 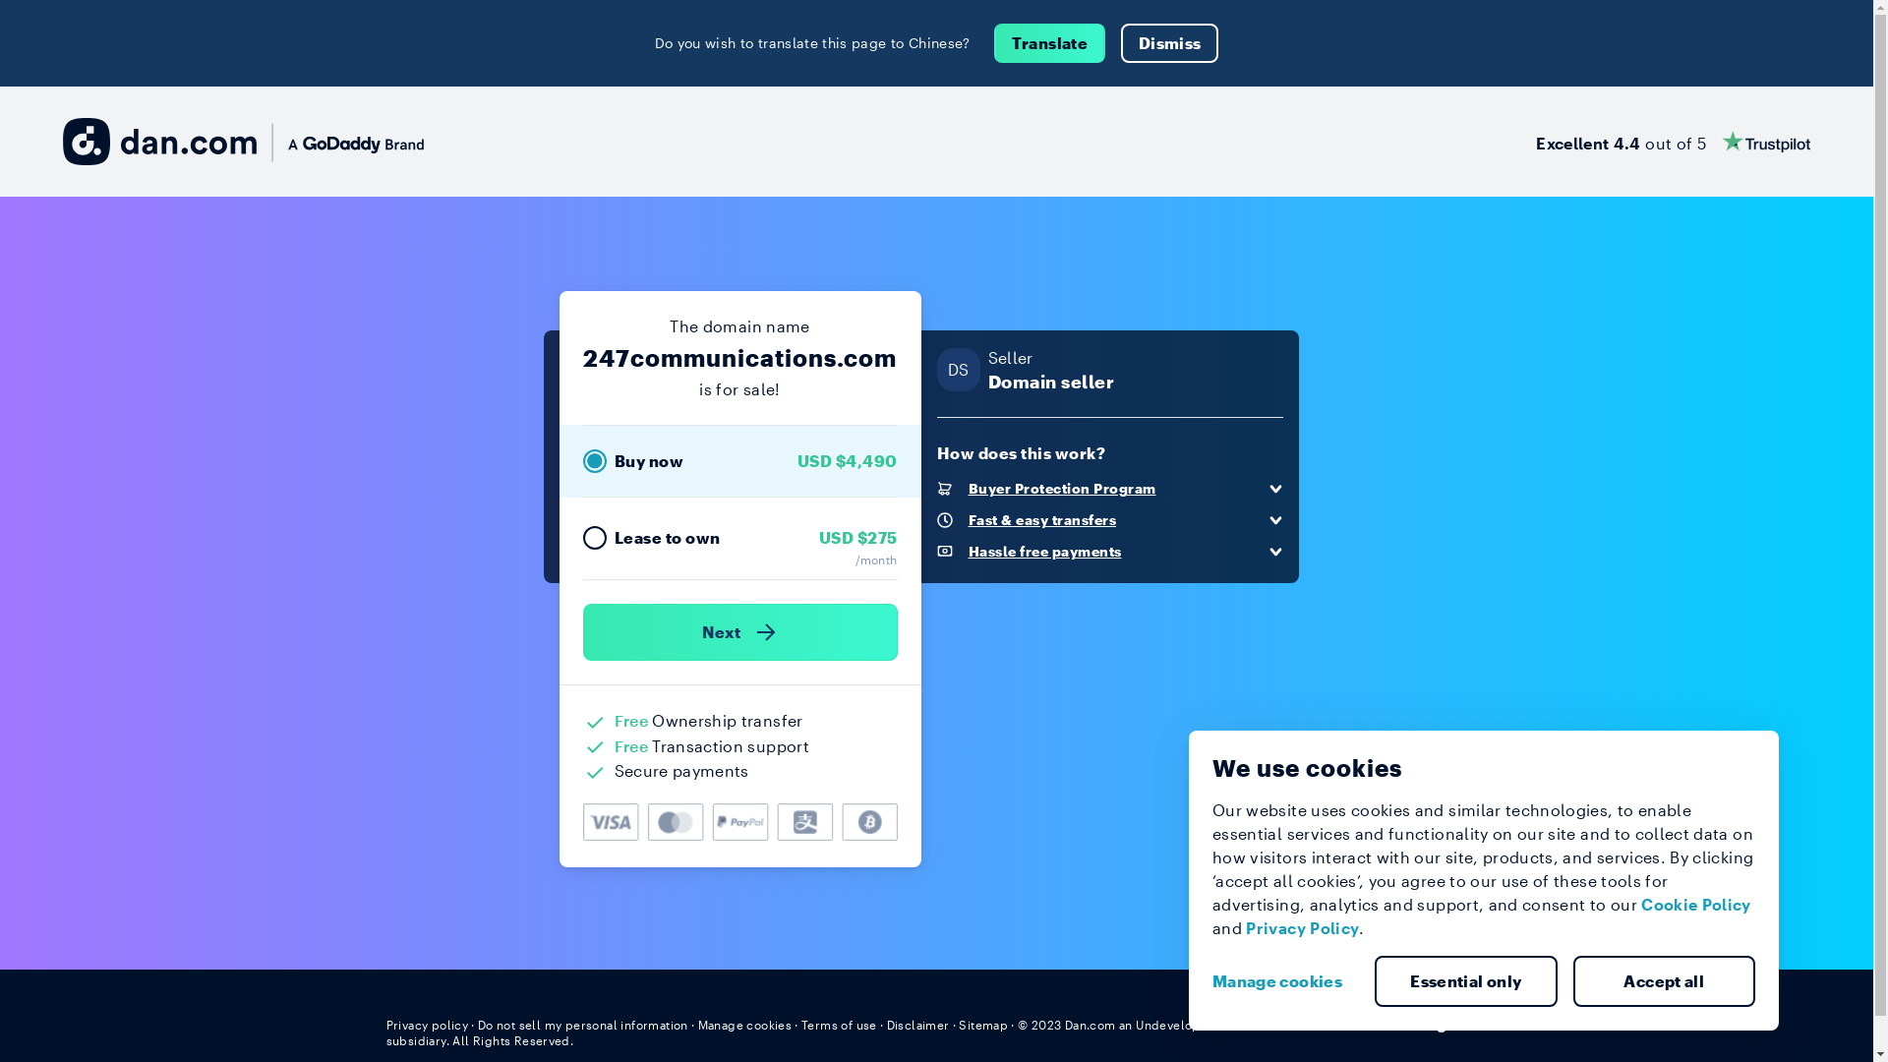 What do you see at coordinates (477, 1023) in the screenshot?
I see `'Do not sell my personal information'` at bounding box center [477, 1023].